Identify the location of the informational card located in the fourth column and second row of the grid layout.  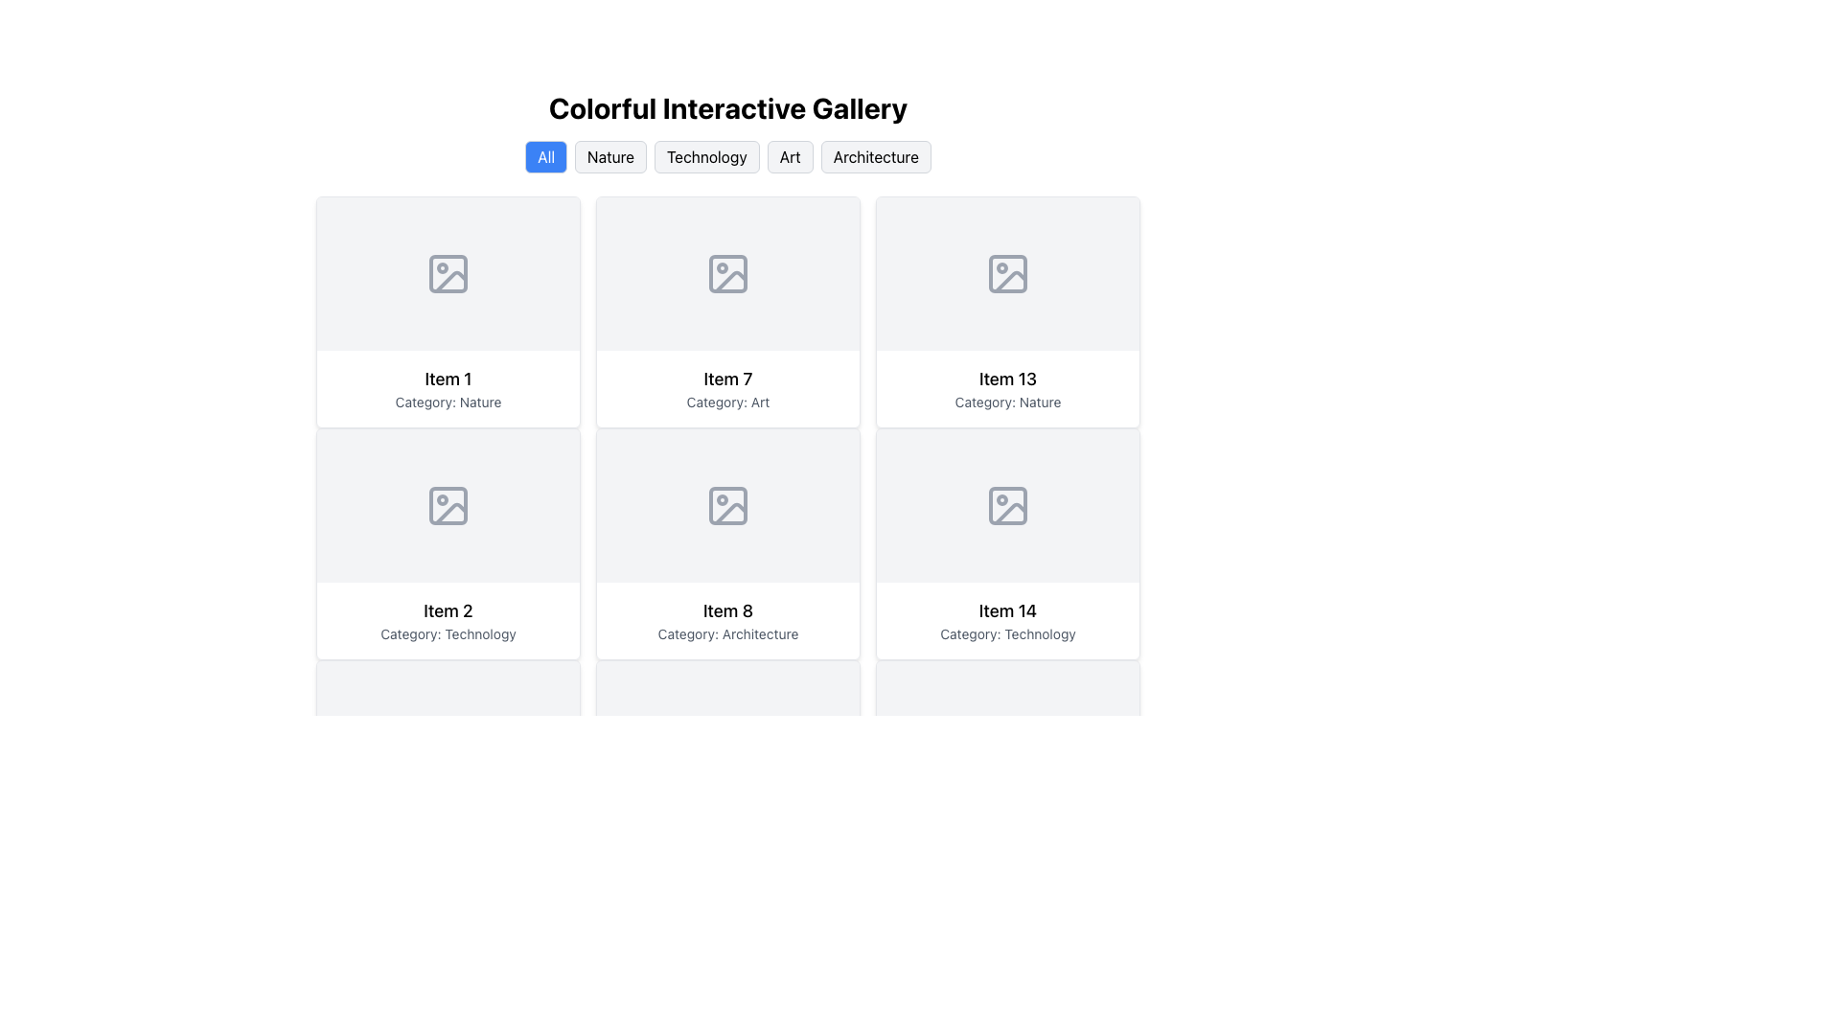
(1006, 543).